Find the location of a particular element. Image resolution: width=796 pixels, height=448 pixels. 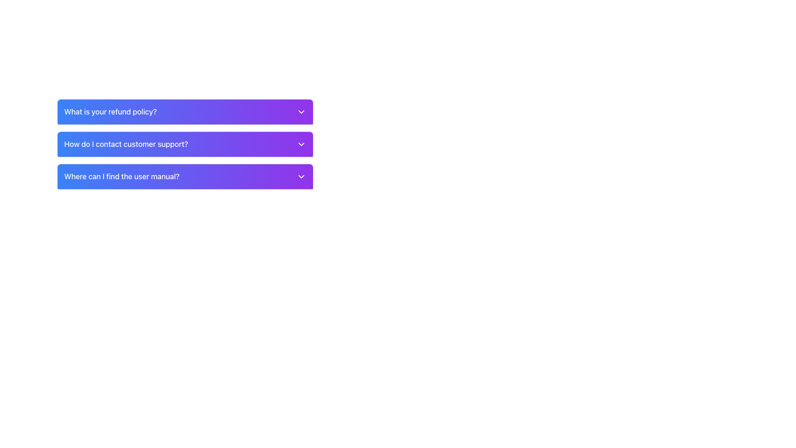

the text label that reads 'How do I contact customer support?' which is displayed in white on a gradient background, positioned as the second item in the vertical list is located at coordinates (126, 144).